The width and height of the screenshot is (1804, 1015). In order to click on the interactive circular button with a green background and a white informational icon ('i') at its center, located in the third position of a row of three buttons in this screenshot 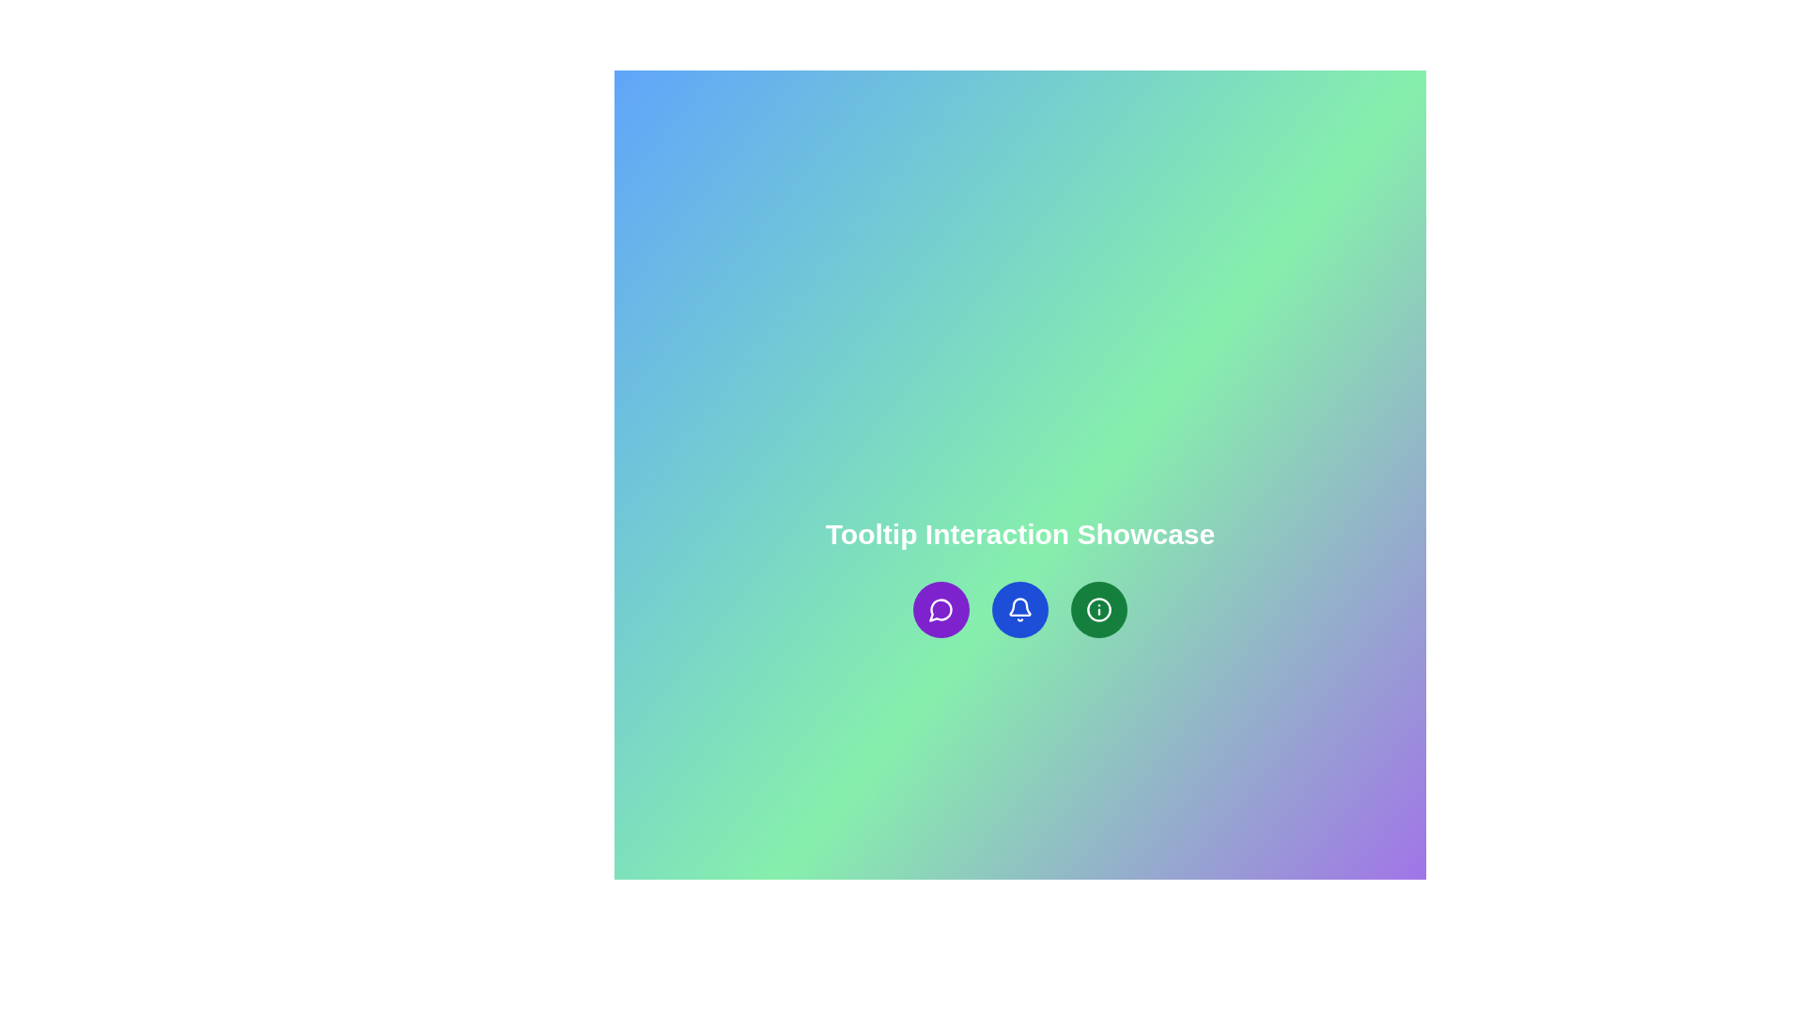, I will do `click(1099, 609)`.